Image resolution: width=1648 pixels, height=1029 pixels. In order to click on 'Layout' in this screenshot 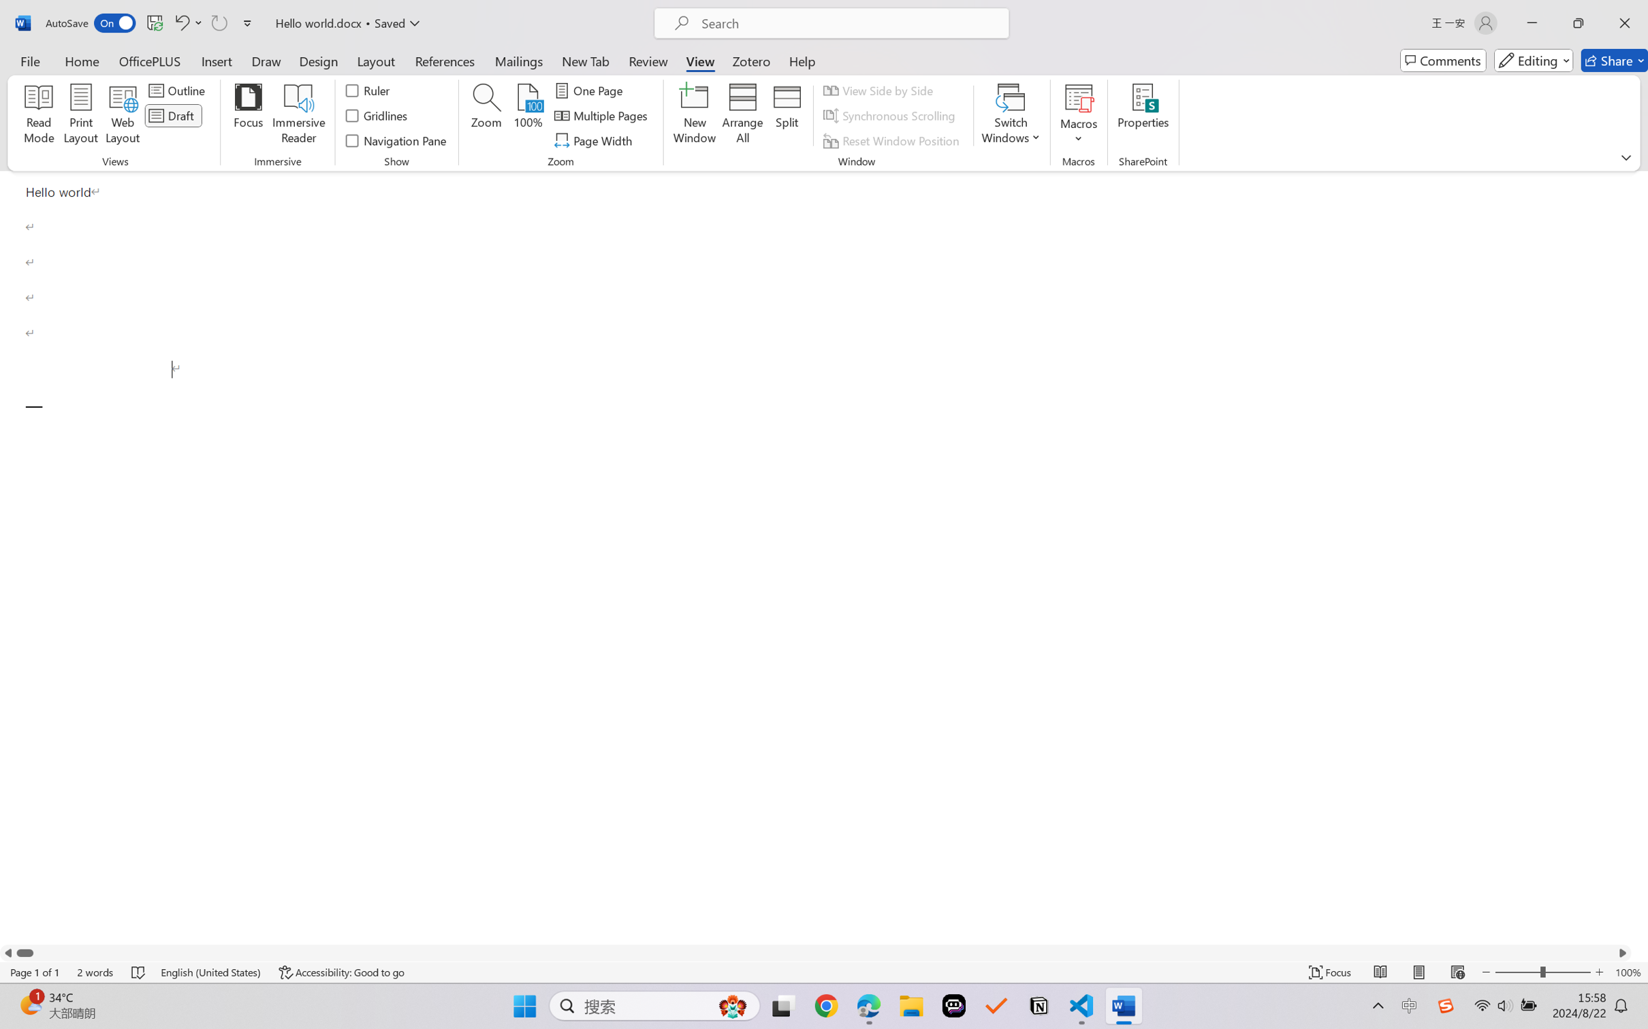, I will do `click(375, 60)`.